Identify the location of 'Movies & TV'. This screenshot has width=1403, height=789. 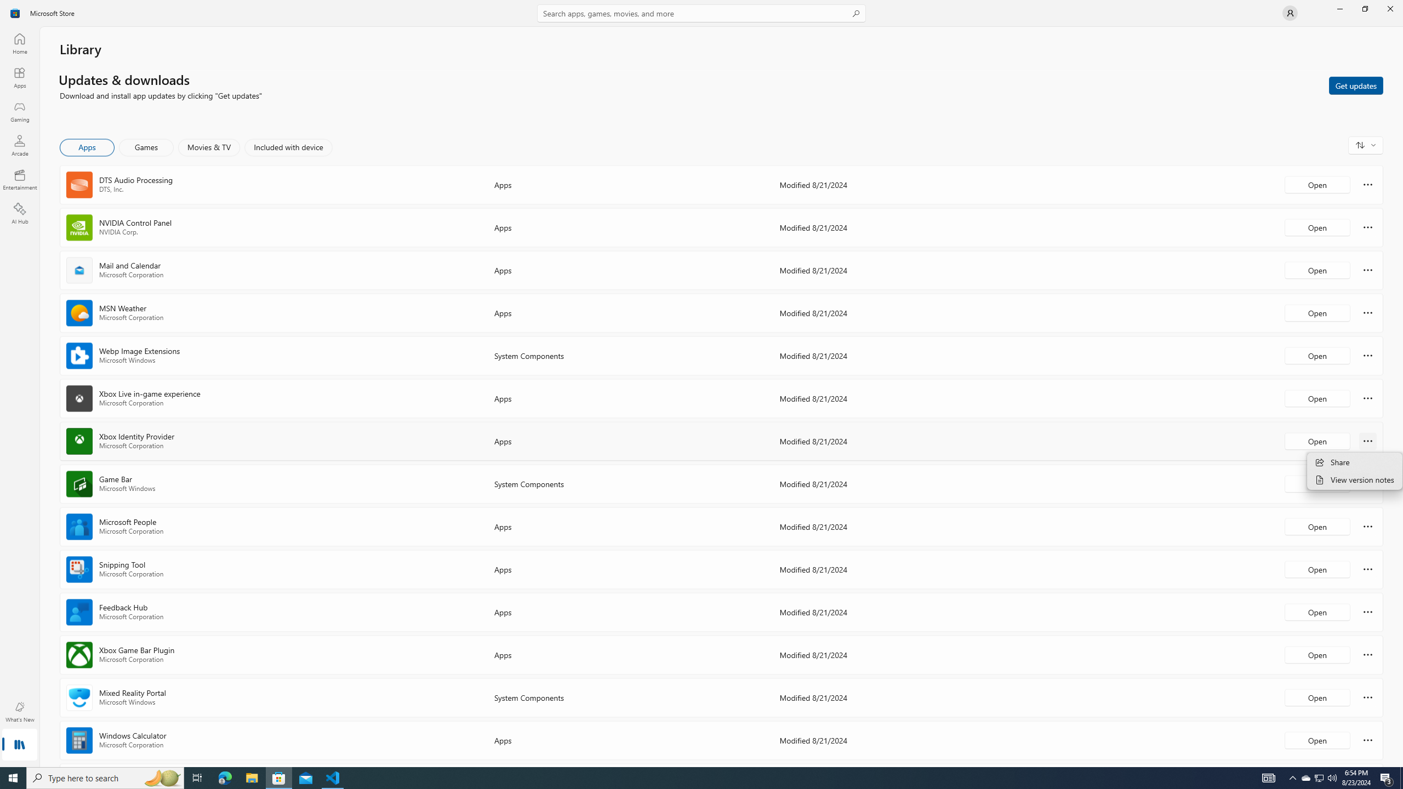
(208, 147).